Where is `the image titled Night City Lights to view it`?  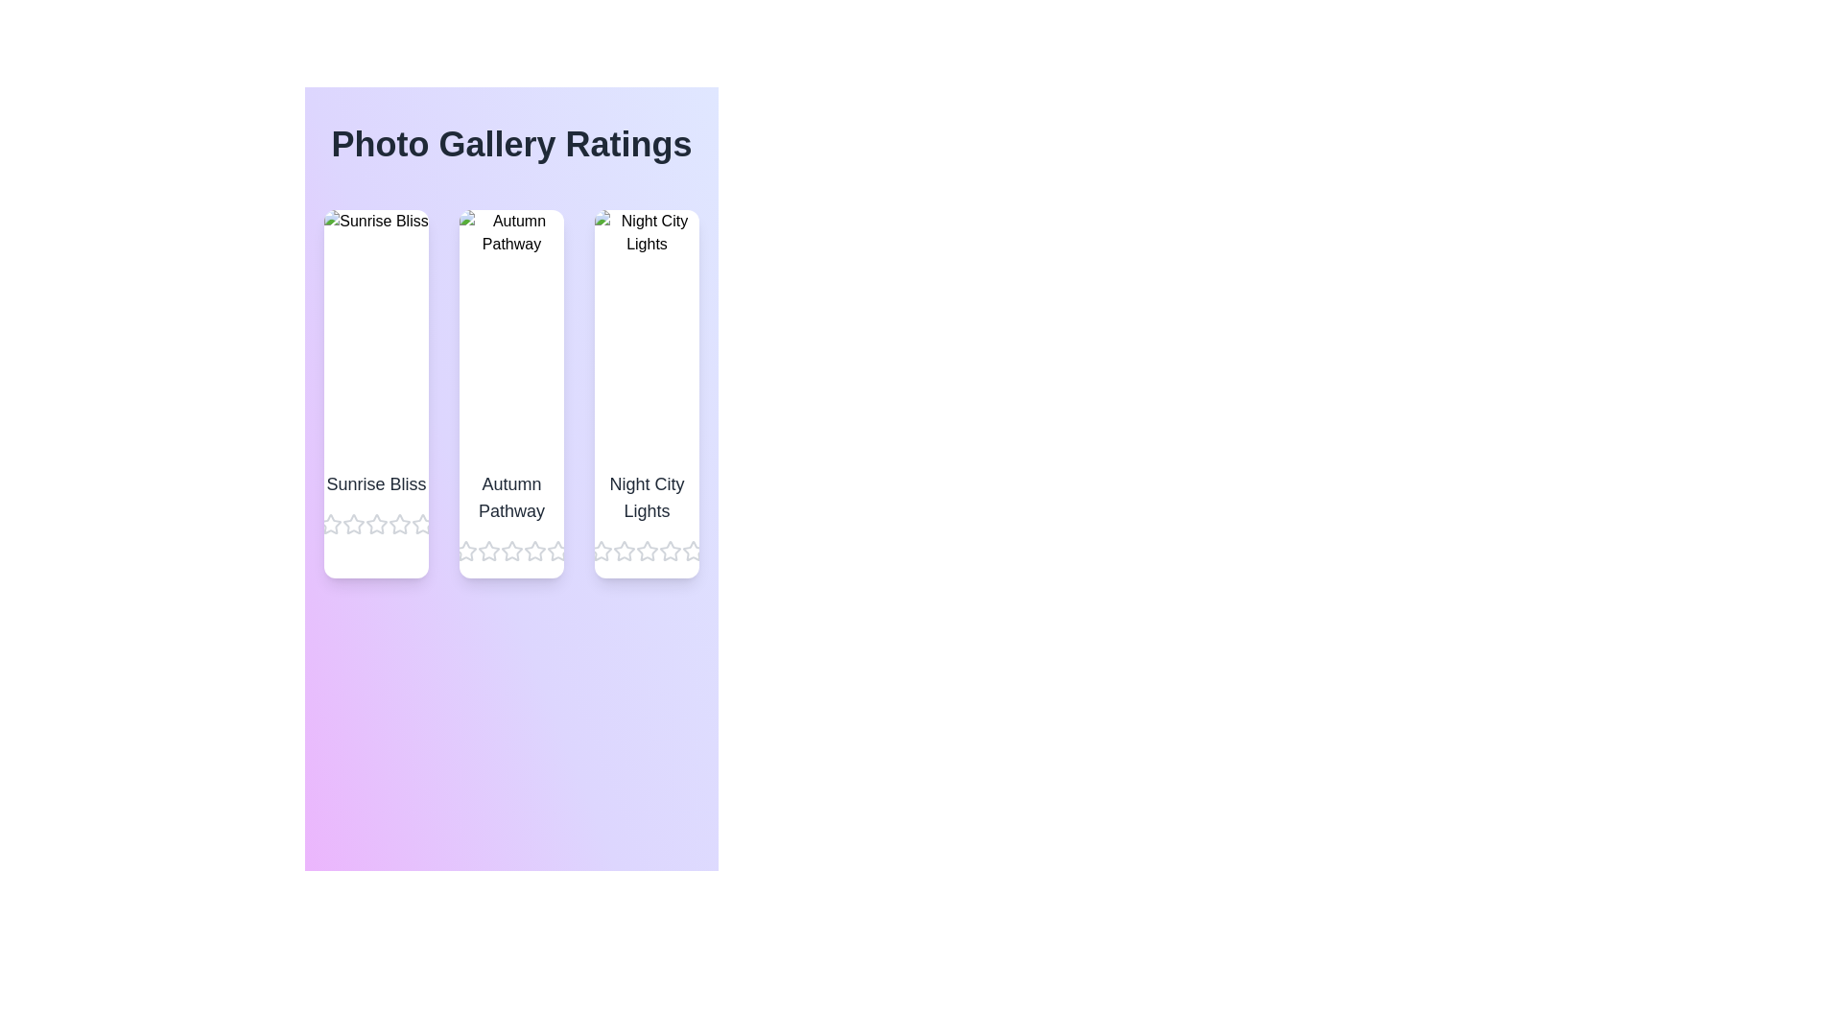 the image titled Night City Lights to view it is located at coordinates (647, 332).